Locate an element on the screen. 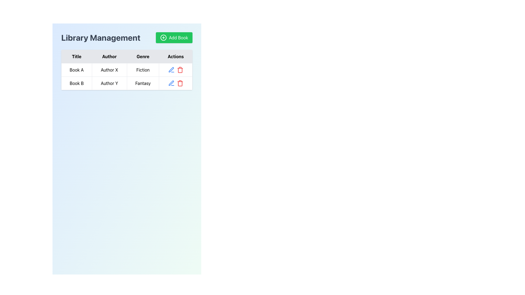  the text element displaying 'Fiction' located in the first row and third cell of the table under the 'Genre' column is located at coordinates (143, 69).